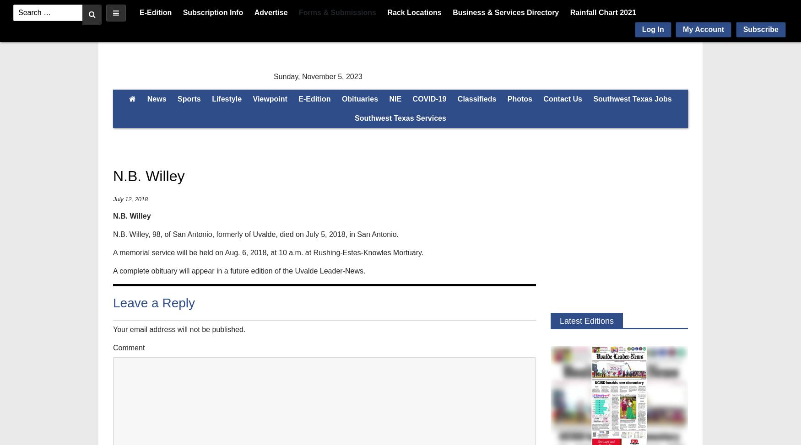  What do you see at coordinates (527, 129) in the screenshot?
I see `'NIE Christmas Parade Entry Form'` at bounding box center [527, 129].